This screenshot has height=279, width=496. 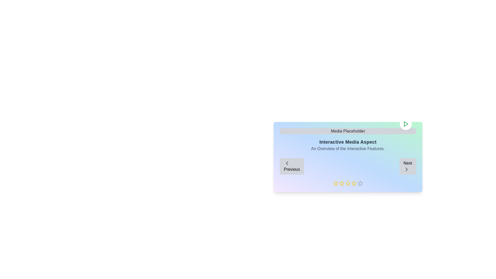 What do you see at coordinates (342, 183) in the screenshot?
I see `on the second star-shaped icon with a yellow outline in a row of five stars` at bounding box center [342, 183].